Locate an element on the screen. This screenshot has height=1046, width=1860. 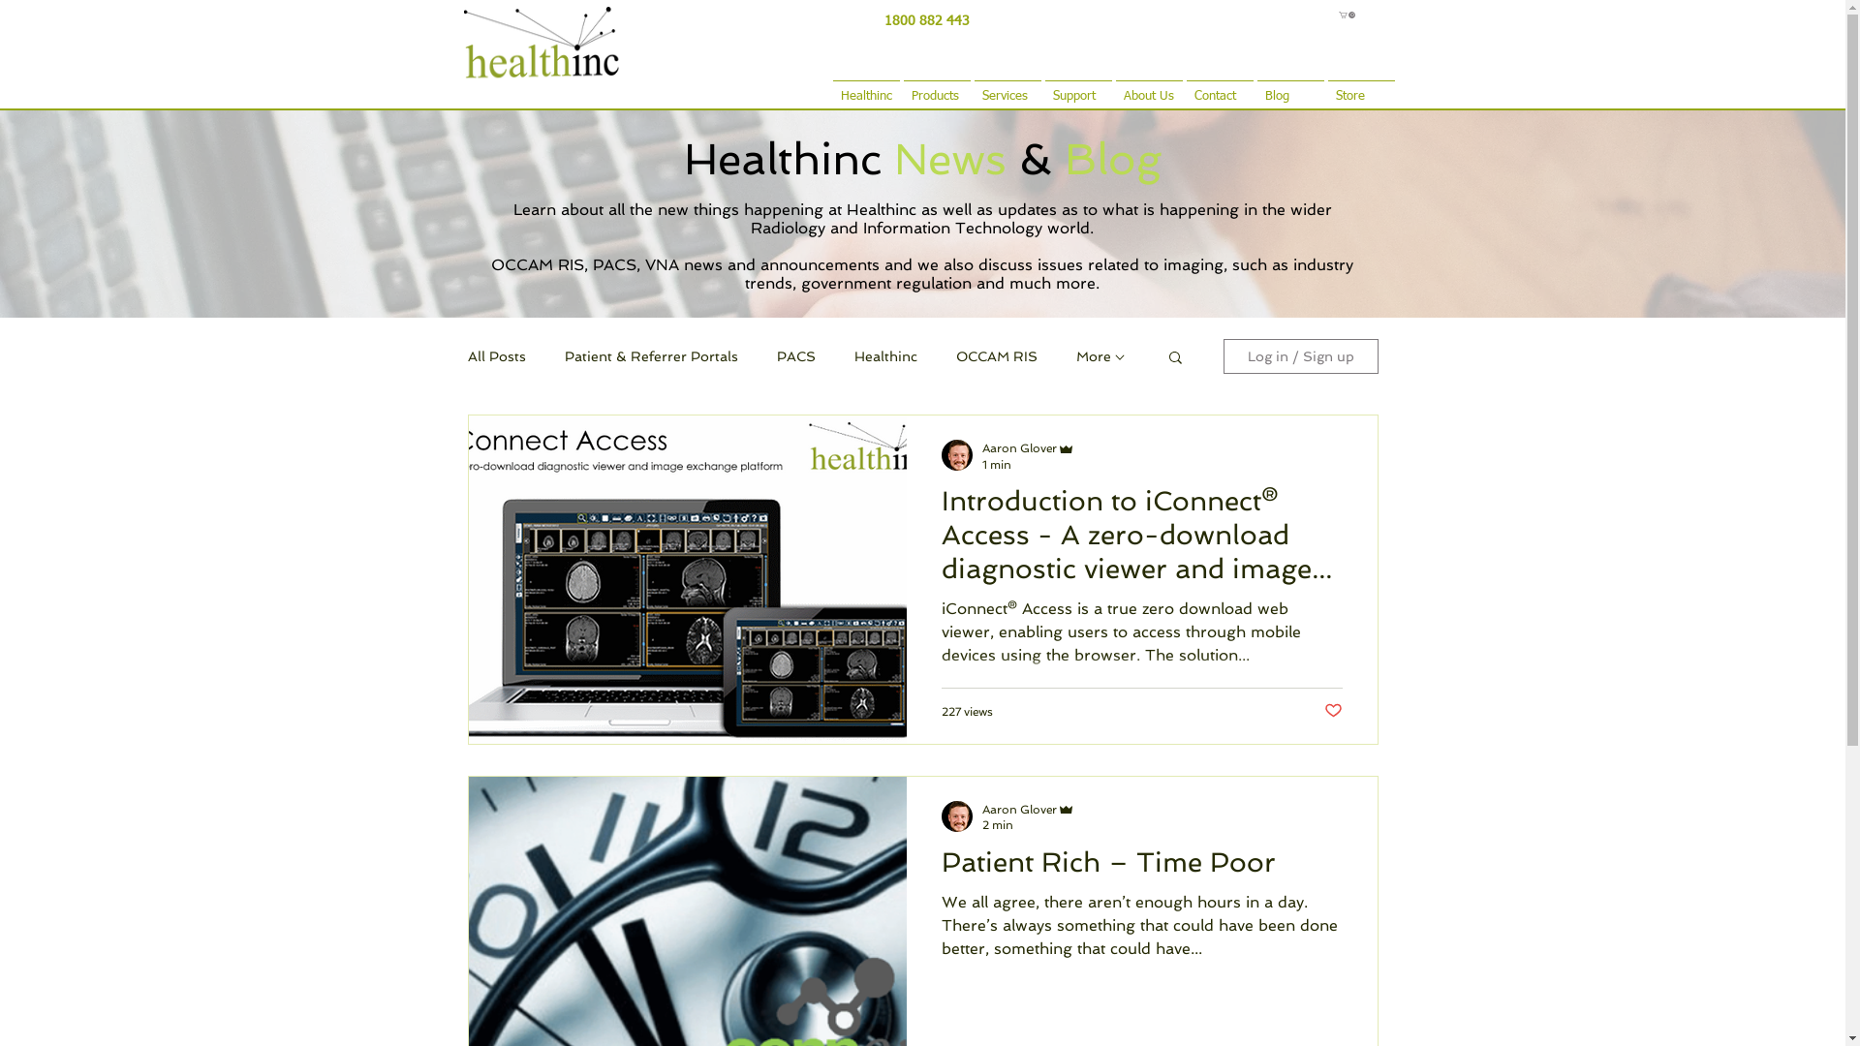
'Go to Healthinc Home Page' is located at coordinates (553, 41).